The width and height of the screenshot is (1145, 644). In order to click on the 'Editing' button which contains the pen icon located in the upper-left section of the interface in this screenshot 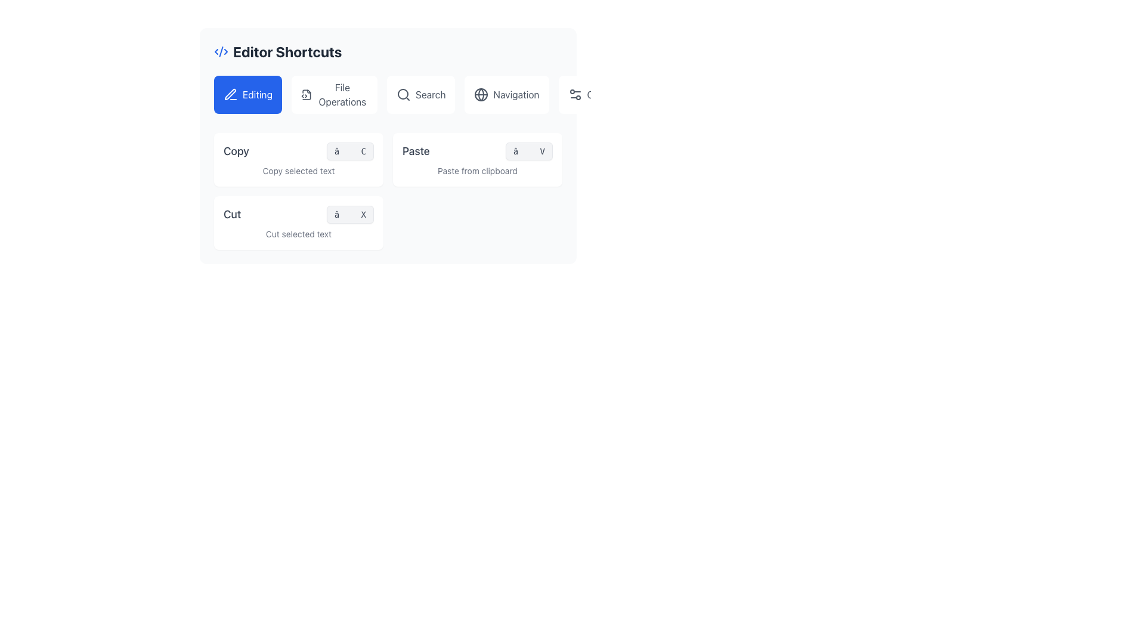, I will do `click(230, 94)`.